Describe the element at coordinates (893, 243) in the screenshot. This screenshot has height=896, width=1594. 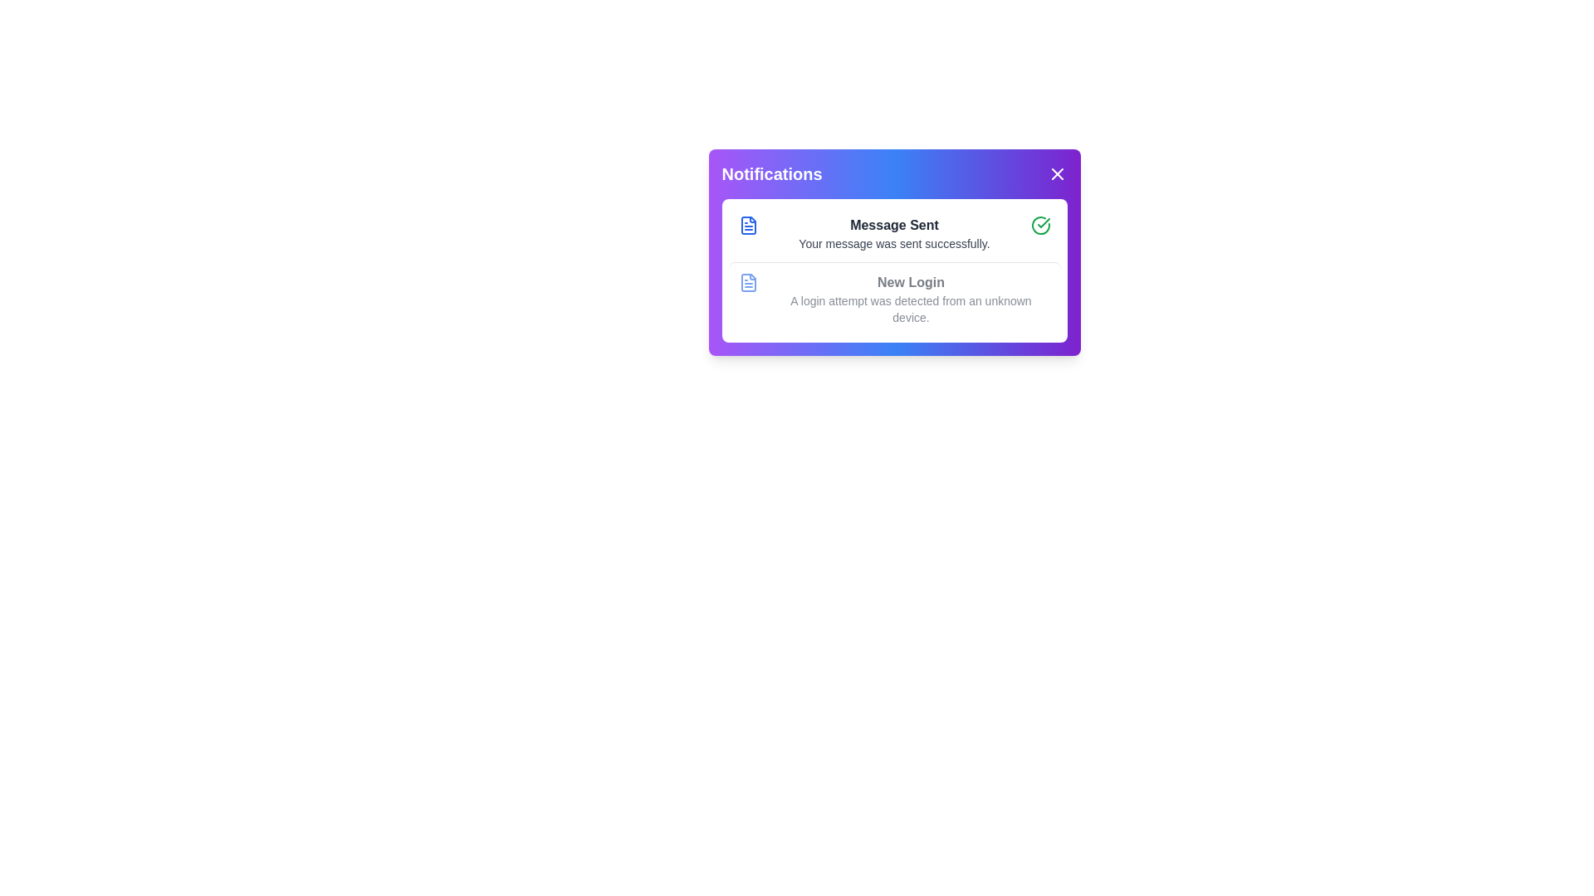
I see `the text label that indicates the message has been successfully sent, located in the notification box under the 'Message Sent' header` at that location.